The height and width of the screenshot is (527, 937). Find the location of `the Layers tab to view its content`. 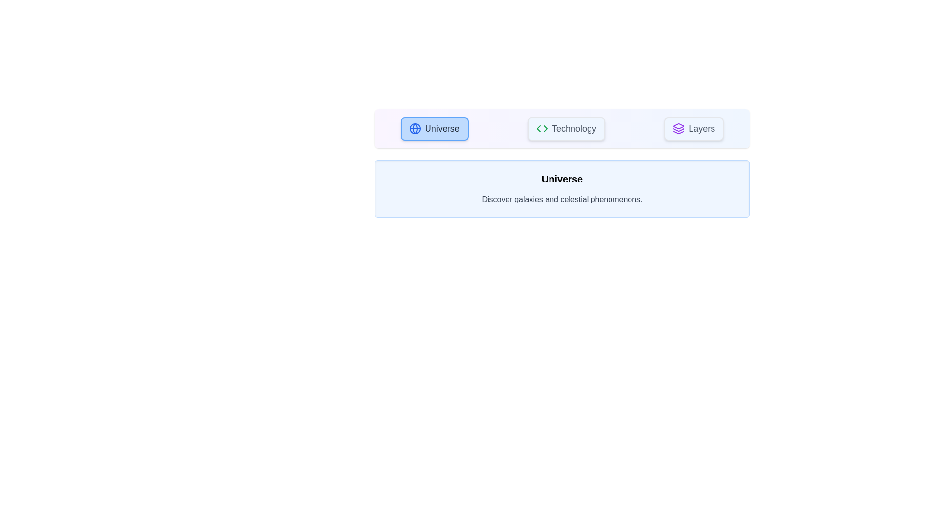

the Layers tab to view its content is located at coordinates (693, 128).